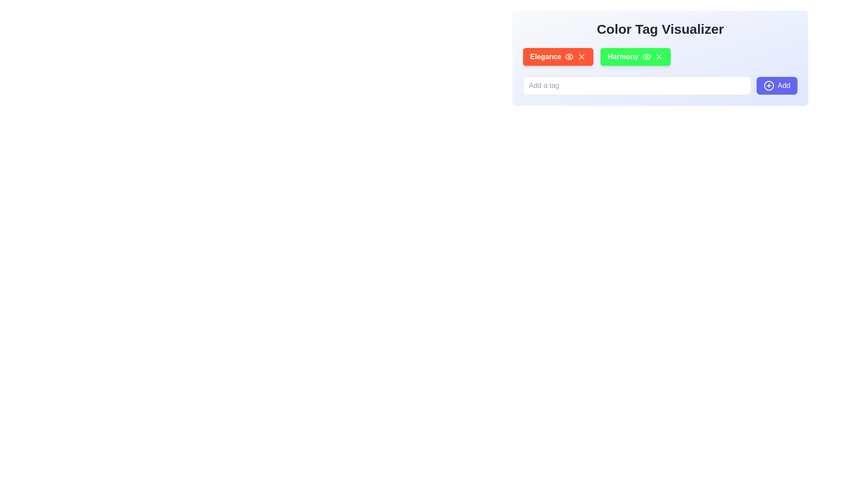 The image size is (854, 480). I want to click on the 'X' icon inside the green 'Harmony' tag, so click(660, 58).